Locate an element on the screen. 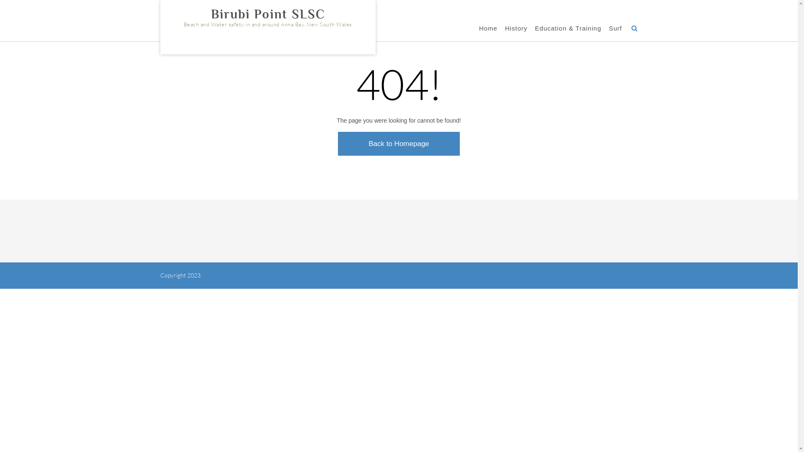  'Back to Homepage' is located at coordinates (398, 143).